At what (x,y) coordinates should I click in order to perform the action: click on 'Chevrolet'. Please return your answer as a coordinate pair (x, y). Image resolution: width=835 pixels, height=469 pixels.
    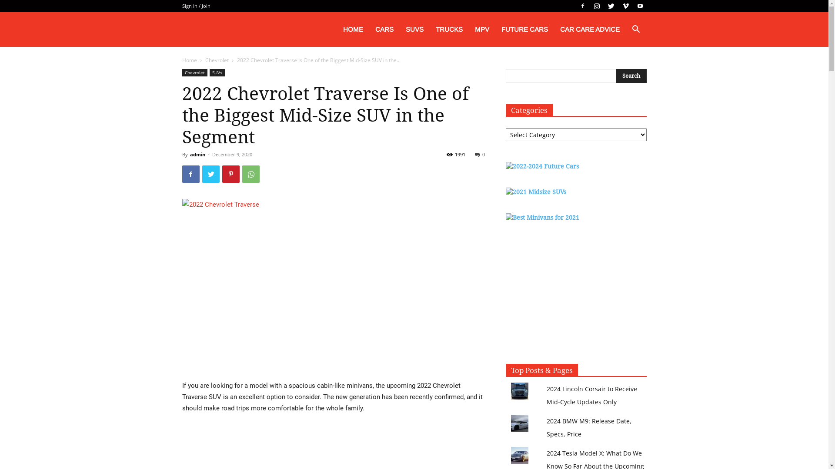
    Looking at the image, I should click on (217, 59).